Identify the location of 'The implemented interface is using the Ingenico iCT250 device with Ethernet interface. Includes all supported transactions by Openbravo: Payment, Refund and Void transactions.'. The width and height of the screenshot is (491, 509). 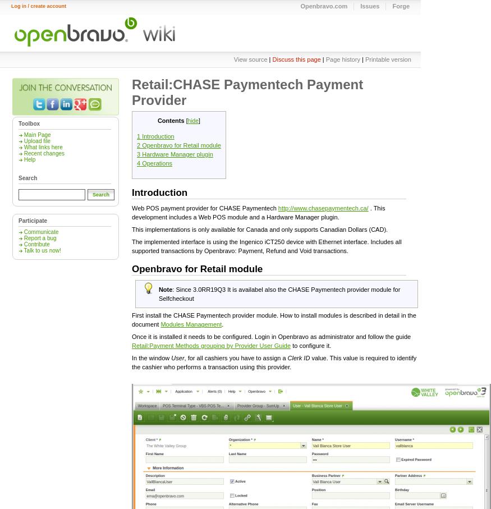
(267, 245).